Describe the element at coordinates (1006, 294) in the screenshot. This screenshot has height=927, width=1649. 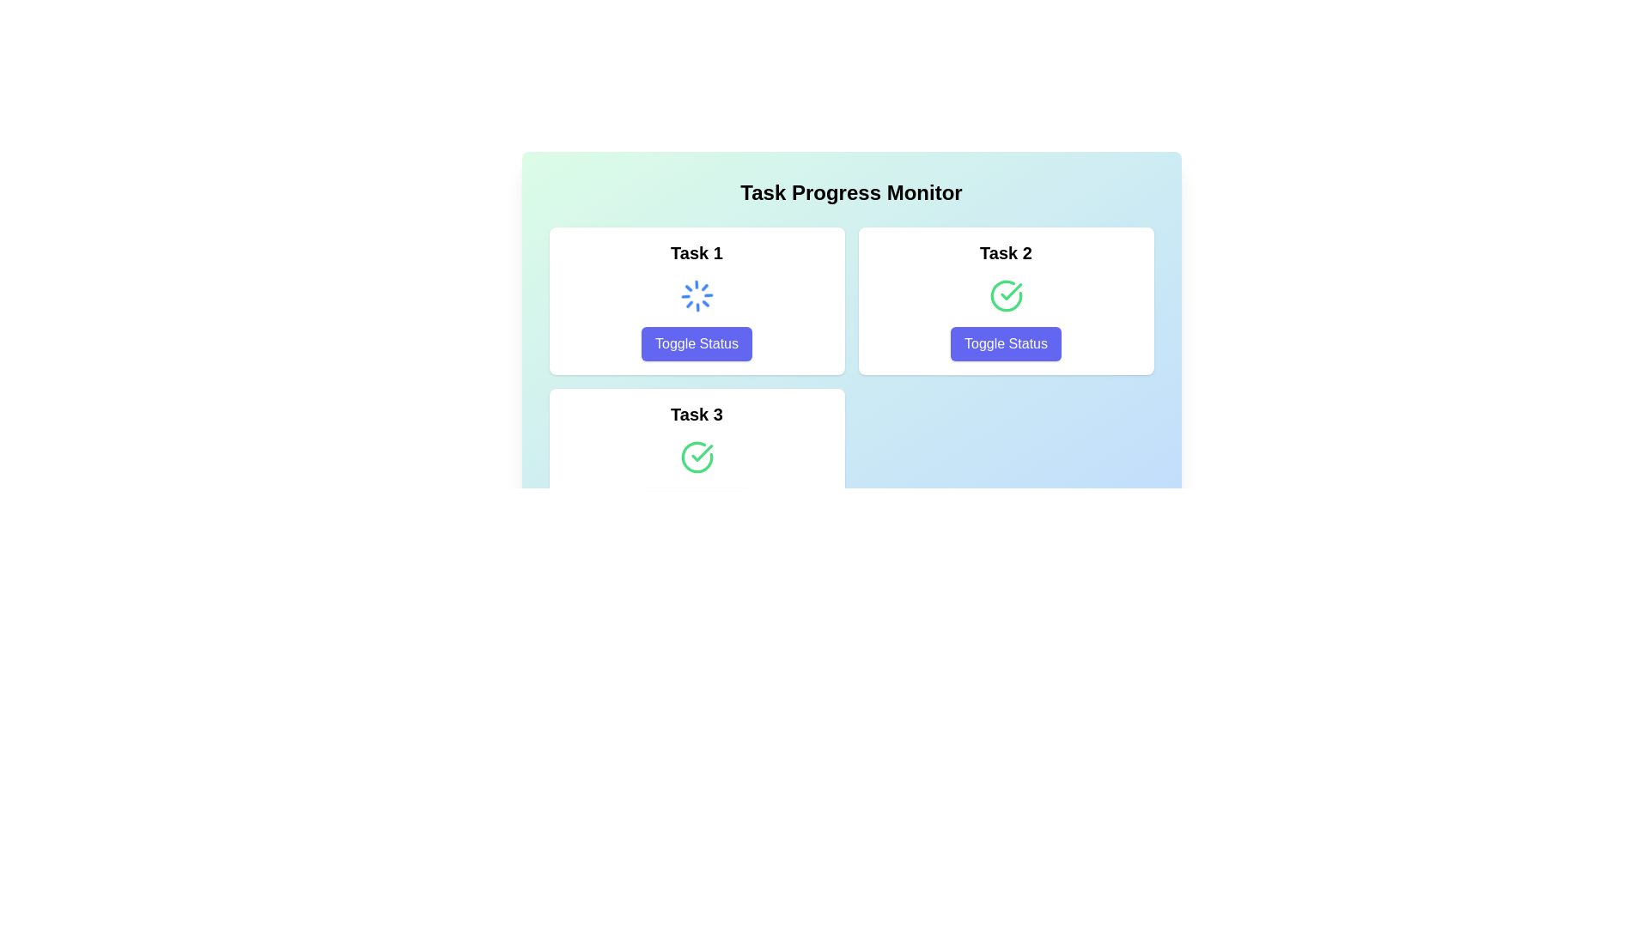
I see `the green circular icon with a checkmark inside` at that location.